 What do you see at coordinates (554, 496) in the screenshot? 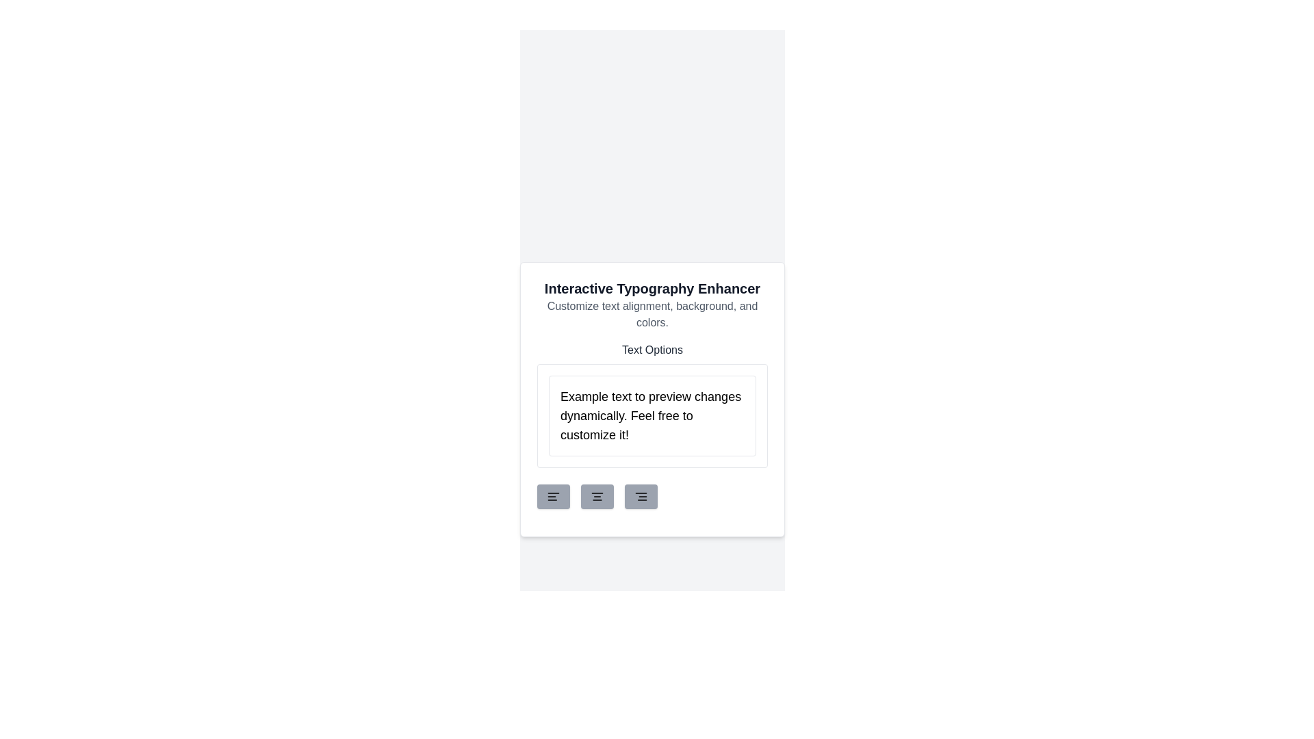
I see `the left-alignment button, which has a light gray background and an icon of three horizontal lines, to apply left alignment` at bounding box center [554, 496].